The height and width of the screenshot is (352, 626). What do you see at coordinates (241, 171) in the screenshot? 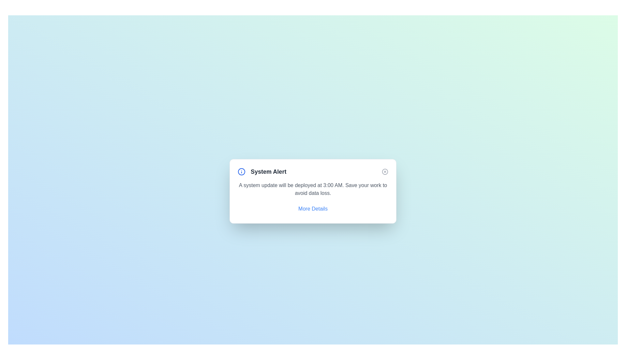
I see `the circular graphical component that represents an informational or alert state, located to the left of the 'System Alert' text` at bounding box center [241, 171].